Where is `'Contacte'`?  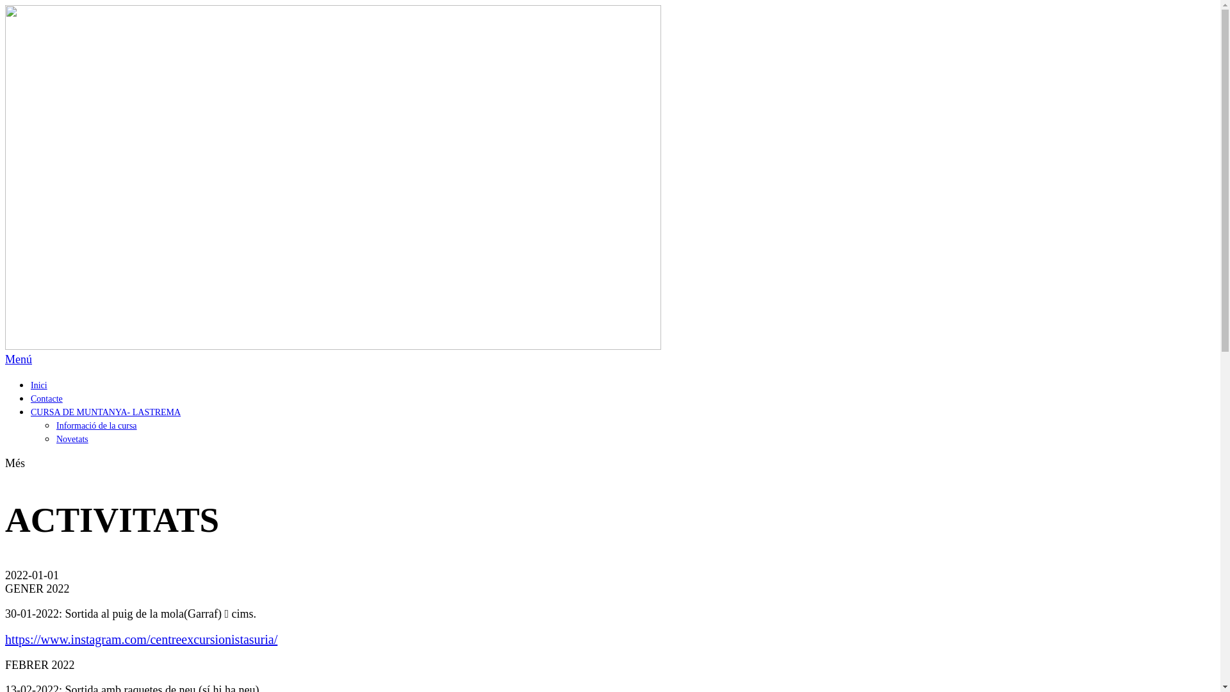
'Contacte' is located at coordinates (46, 398).